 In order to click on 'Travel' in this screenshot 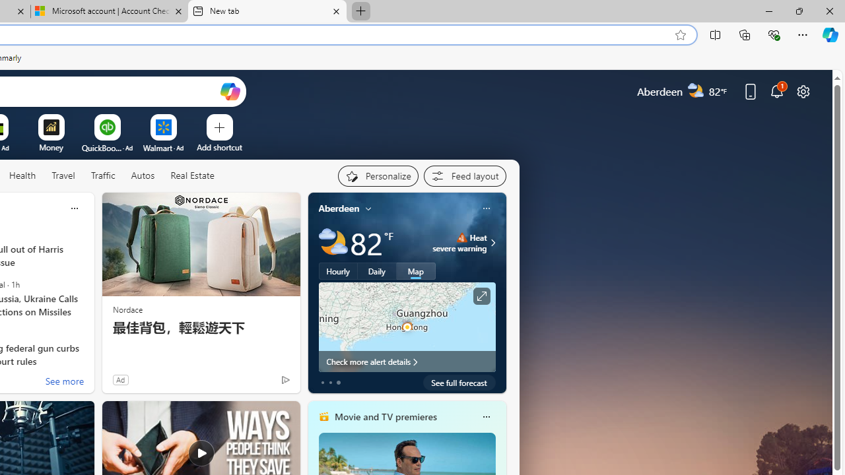, I will do `click(63, 175)`.